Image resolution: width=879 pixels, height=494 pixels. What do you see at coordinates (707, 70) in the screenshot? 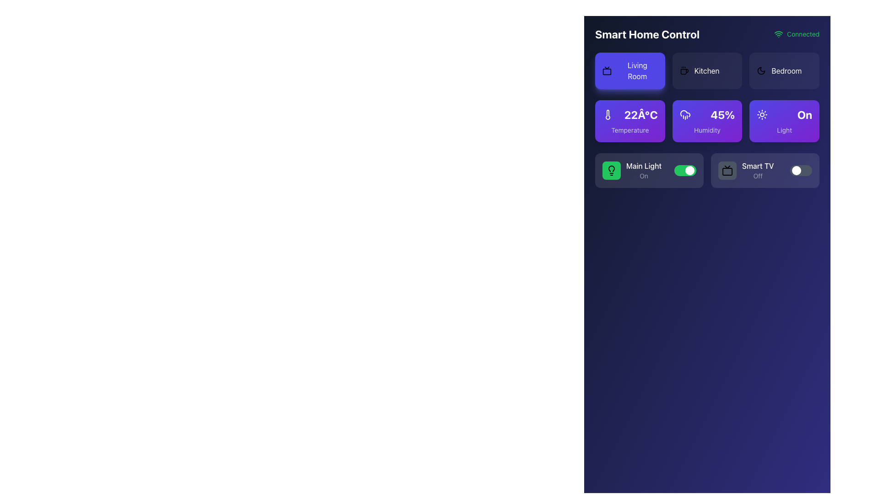
I see `the button located near the top-center of the interface` at bounding box center [707, 70].